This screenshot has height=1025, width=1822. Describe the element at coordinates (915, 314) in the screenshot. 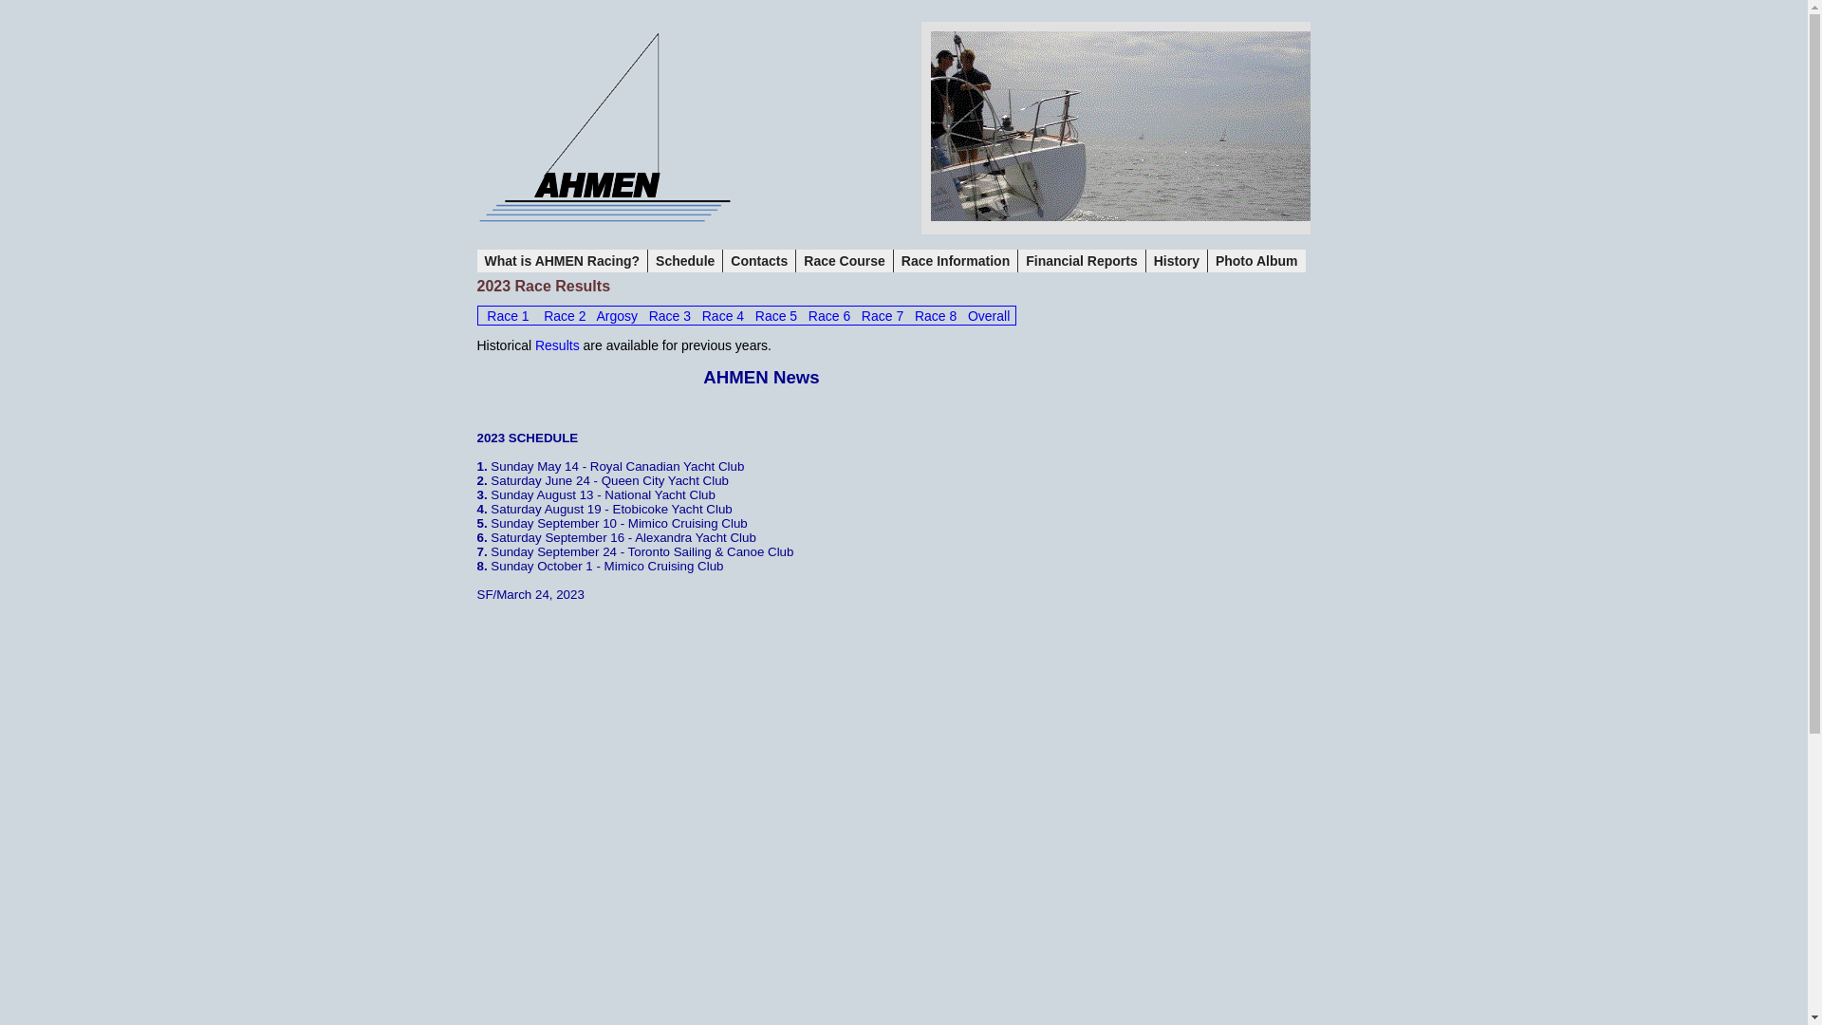

I see `'Race 8'` at that location.